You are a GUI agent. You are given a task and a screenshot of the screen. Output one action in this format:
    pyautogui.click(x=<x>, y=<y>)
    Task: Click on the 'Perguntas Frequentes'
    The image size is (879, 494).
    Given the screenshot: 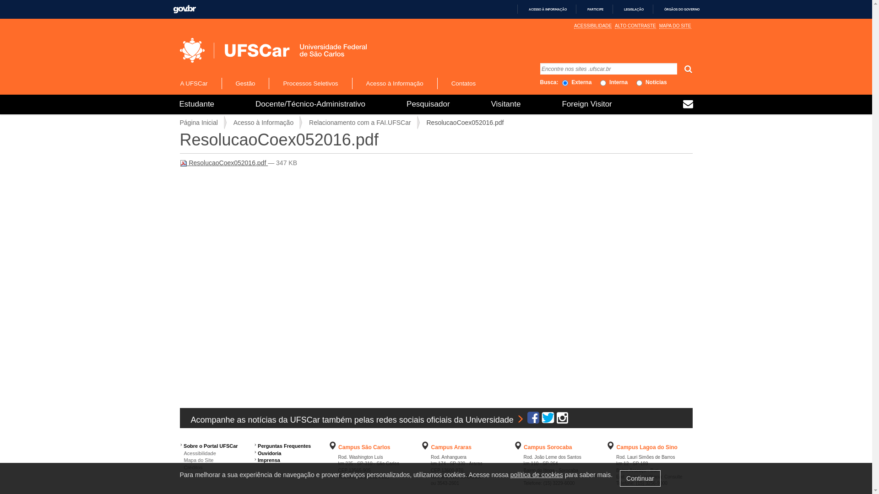 What is the action you would take?
    pyautogui.click(x=283, y=446)
    